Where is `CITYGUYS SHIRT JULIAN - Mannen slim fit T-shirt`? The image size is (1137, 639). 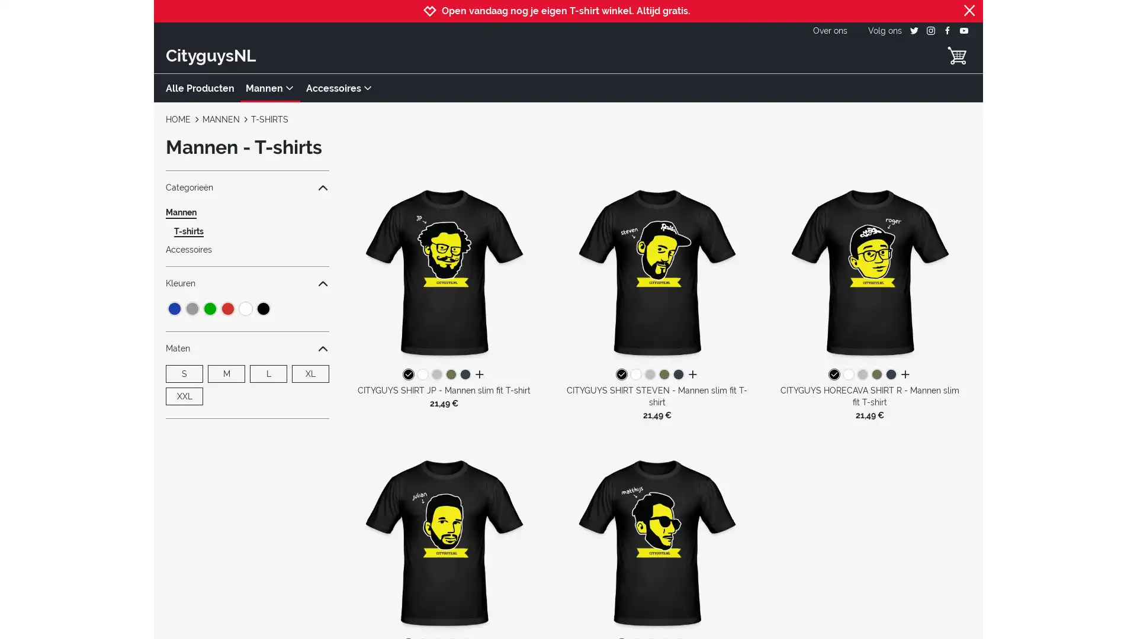
CITYGUYS SHIRT JULIAN - Mannen slim fit T-shirt is located at coordinates (443, 541).